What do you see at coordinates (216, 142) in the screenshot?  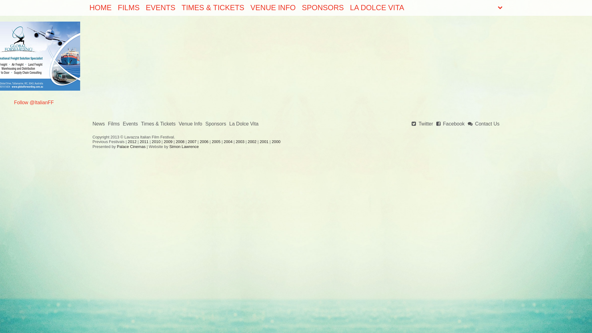 I see `'2005'` at bounding box center [216, 142].